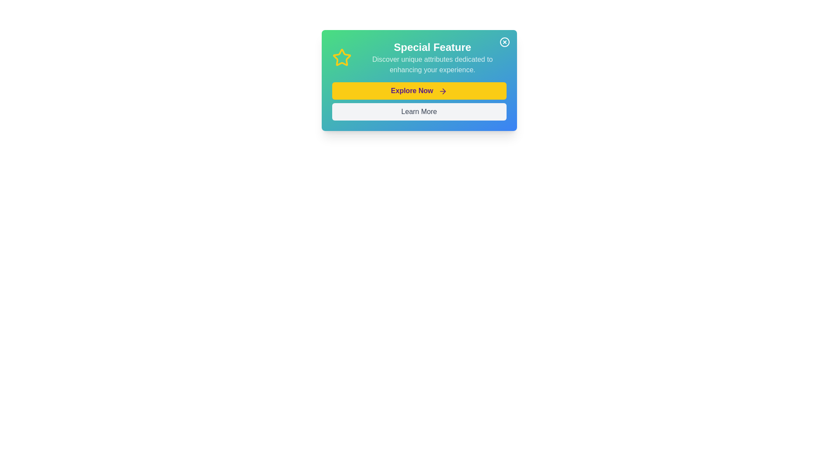 The width and height of the screenshot is (837, 470). What do you see at coordinates (432, 64) in the screenshot?
I see `the descriptive text block that provides additional information about the 'Special Feature' located below the header text 'Special Feature'` at bounding box center [432, 64].